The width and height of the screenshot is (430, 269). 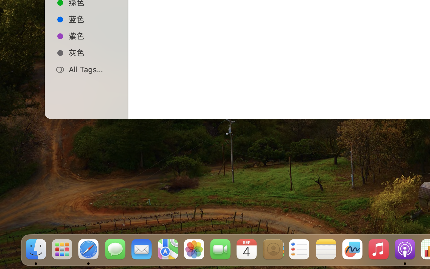 What do you see at coordinates (93, 36) in the screenshot?
I see `'紫色'` at bounding box center [93, 36].